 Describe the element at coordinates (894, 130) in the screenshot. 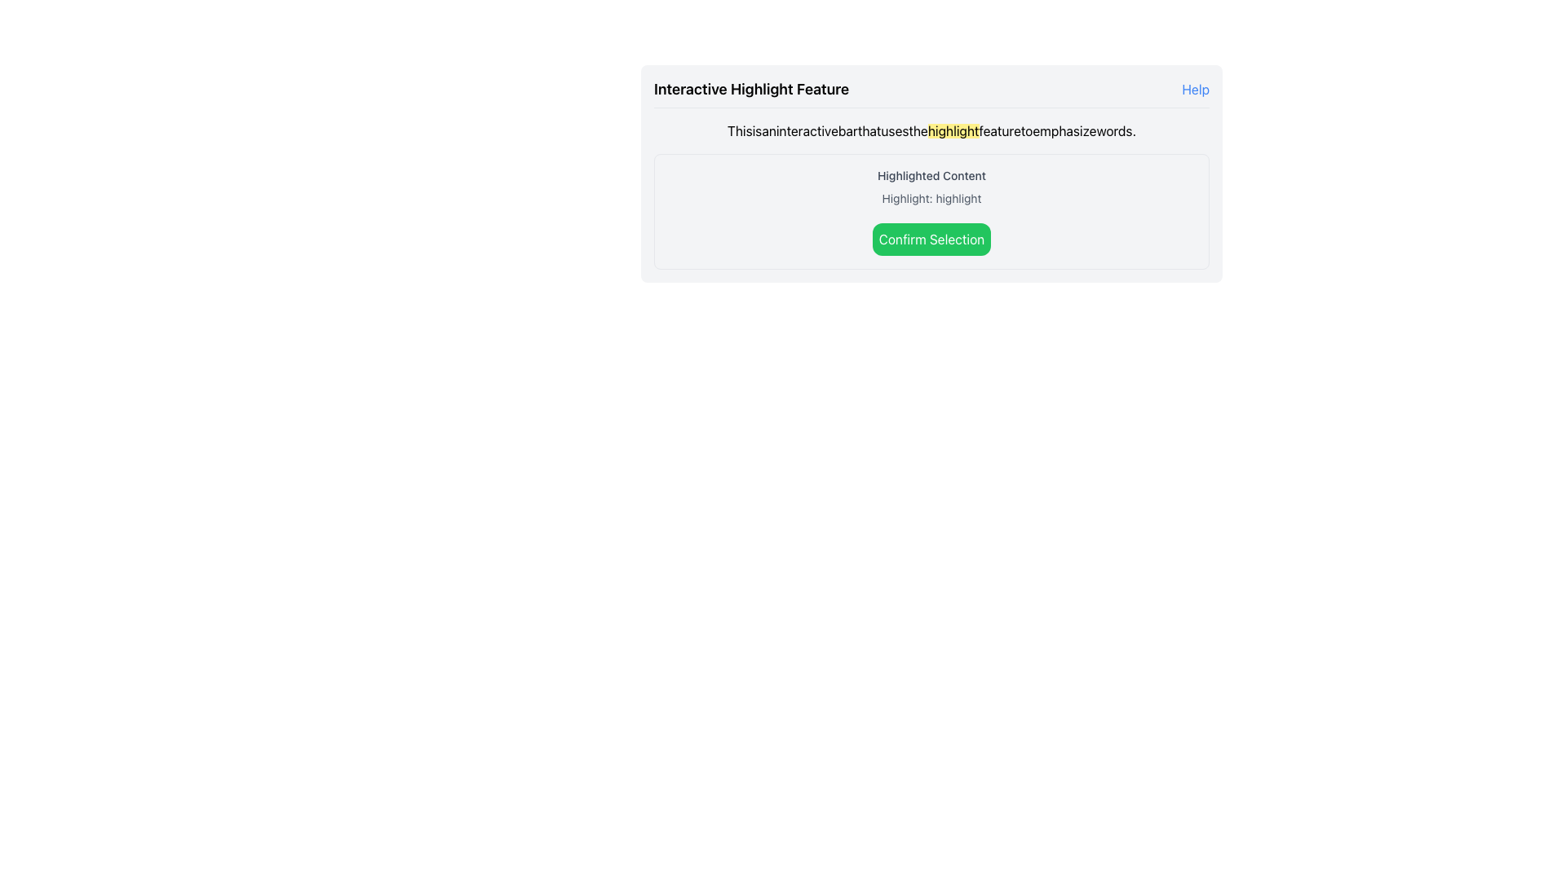

I see `the word 'uses' in the sentence that explains the interactive bar's highlight feature` at that location.